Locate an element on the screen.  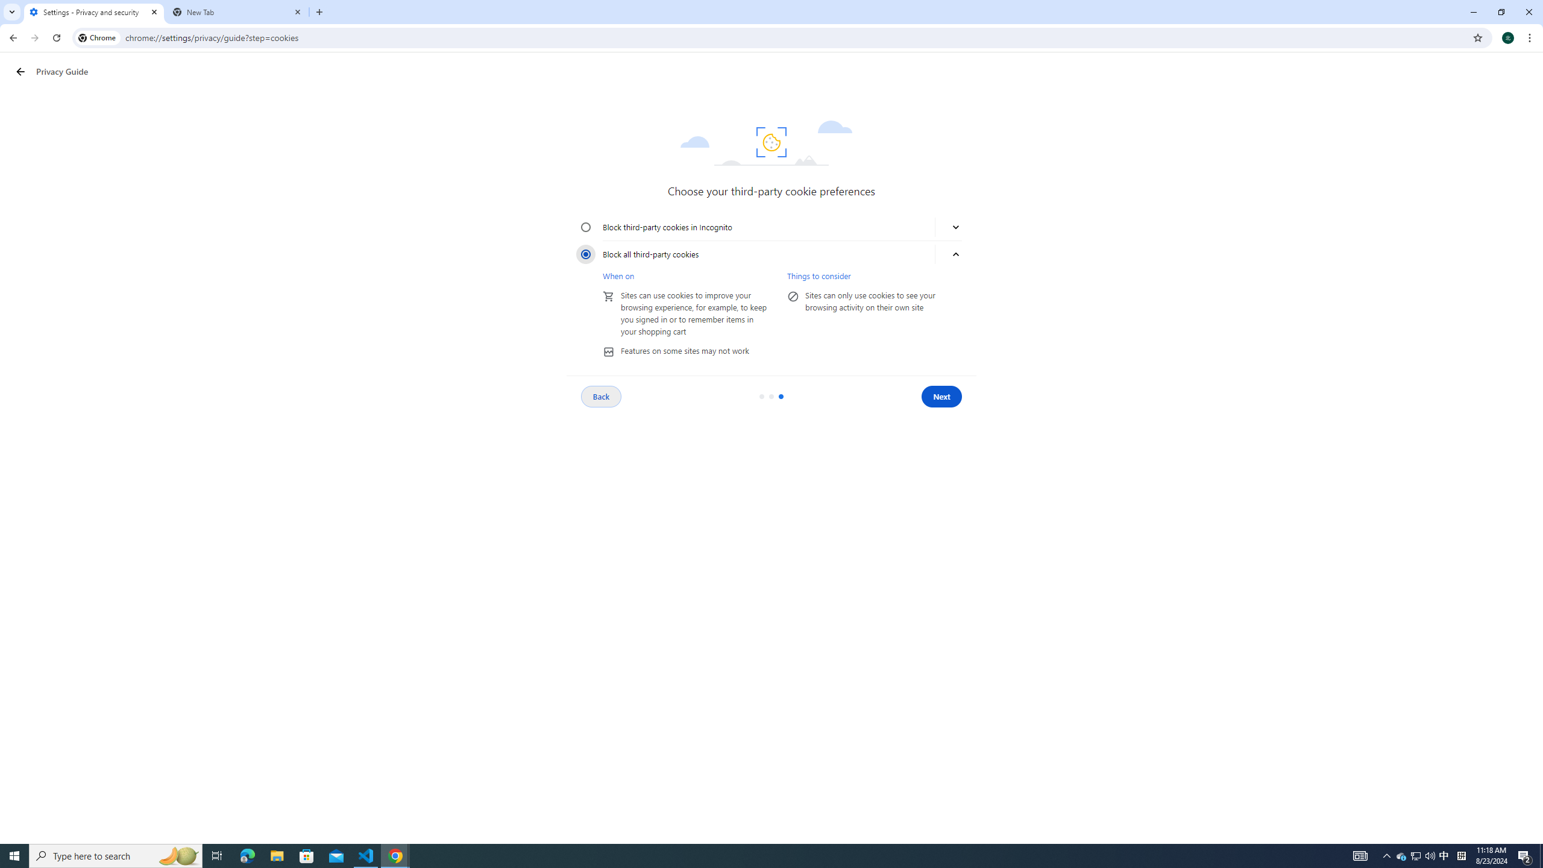
'New Tab' is located at coordinates (237, 11).